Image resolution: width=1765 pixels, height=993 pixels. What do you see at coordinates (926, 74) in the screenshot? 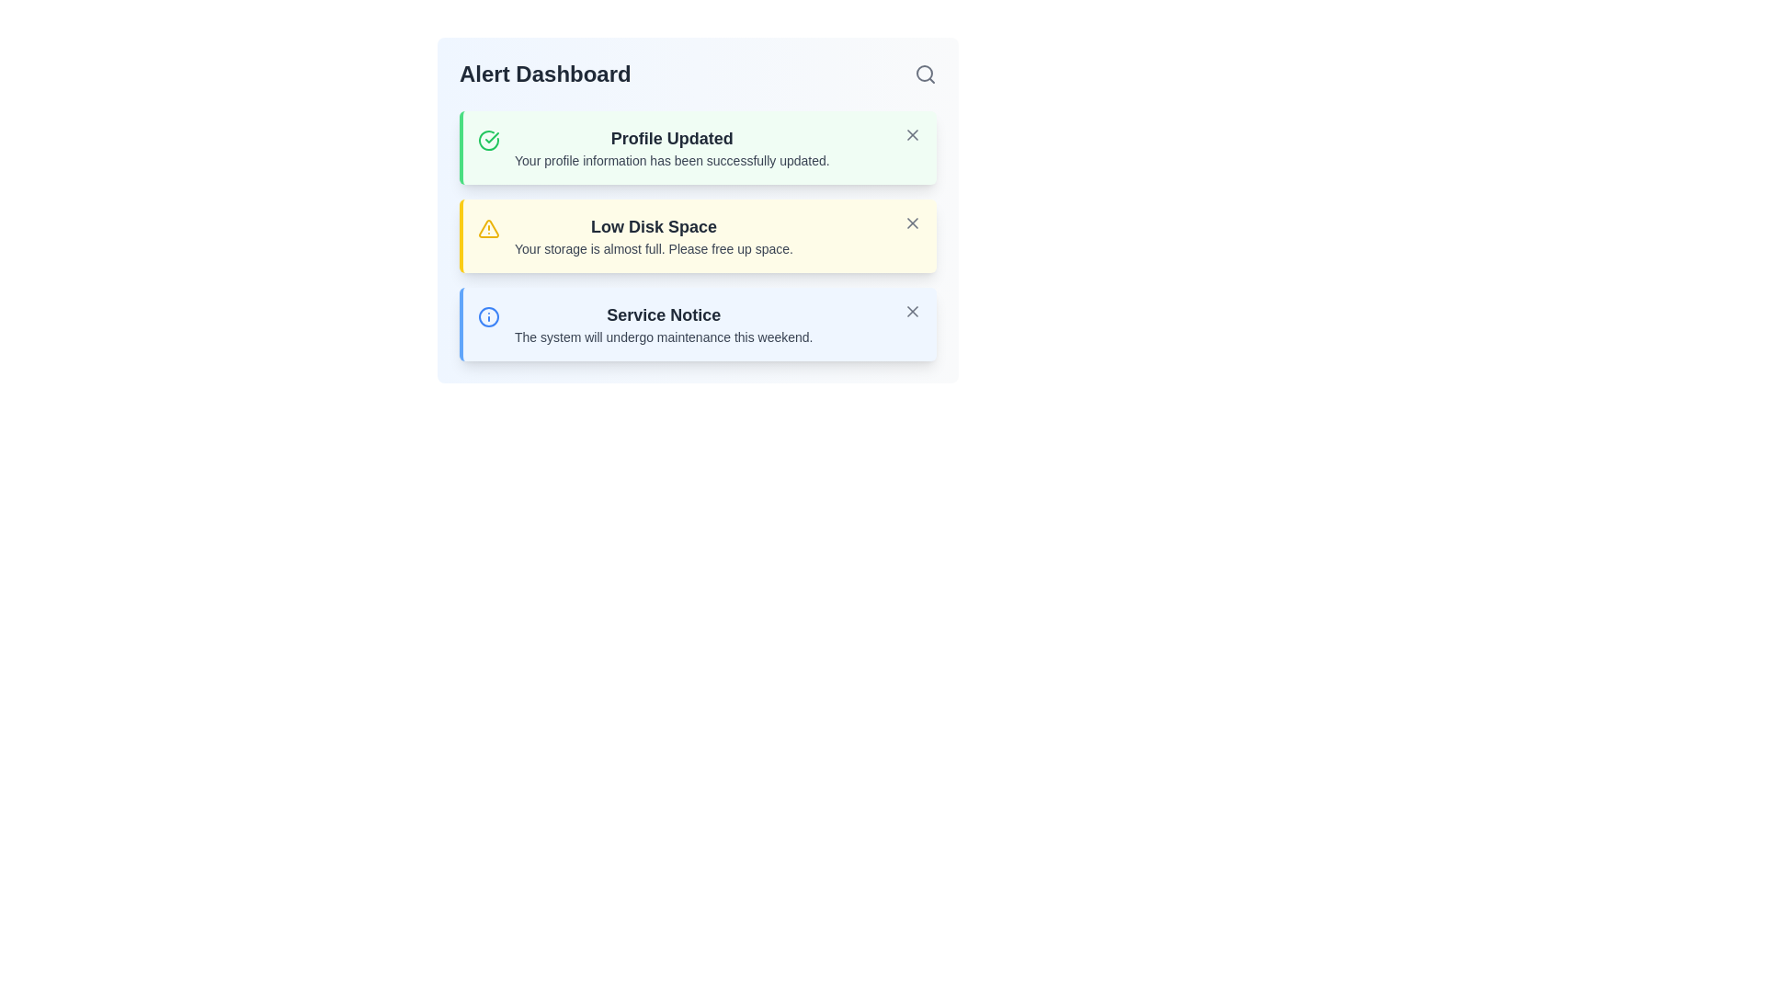
I see `the magnifying glass icon in the top-right corner of the 'Alert Dashboard' section to initiate a search` at bounding box center [926, 74].